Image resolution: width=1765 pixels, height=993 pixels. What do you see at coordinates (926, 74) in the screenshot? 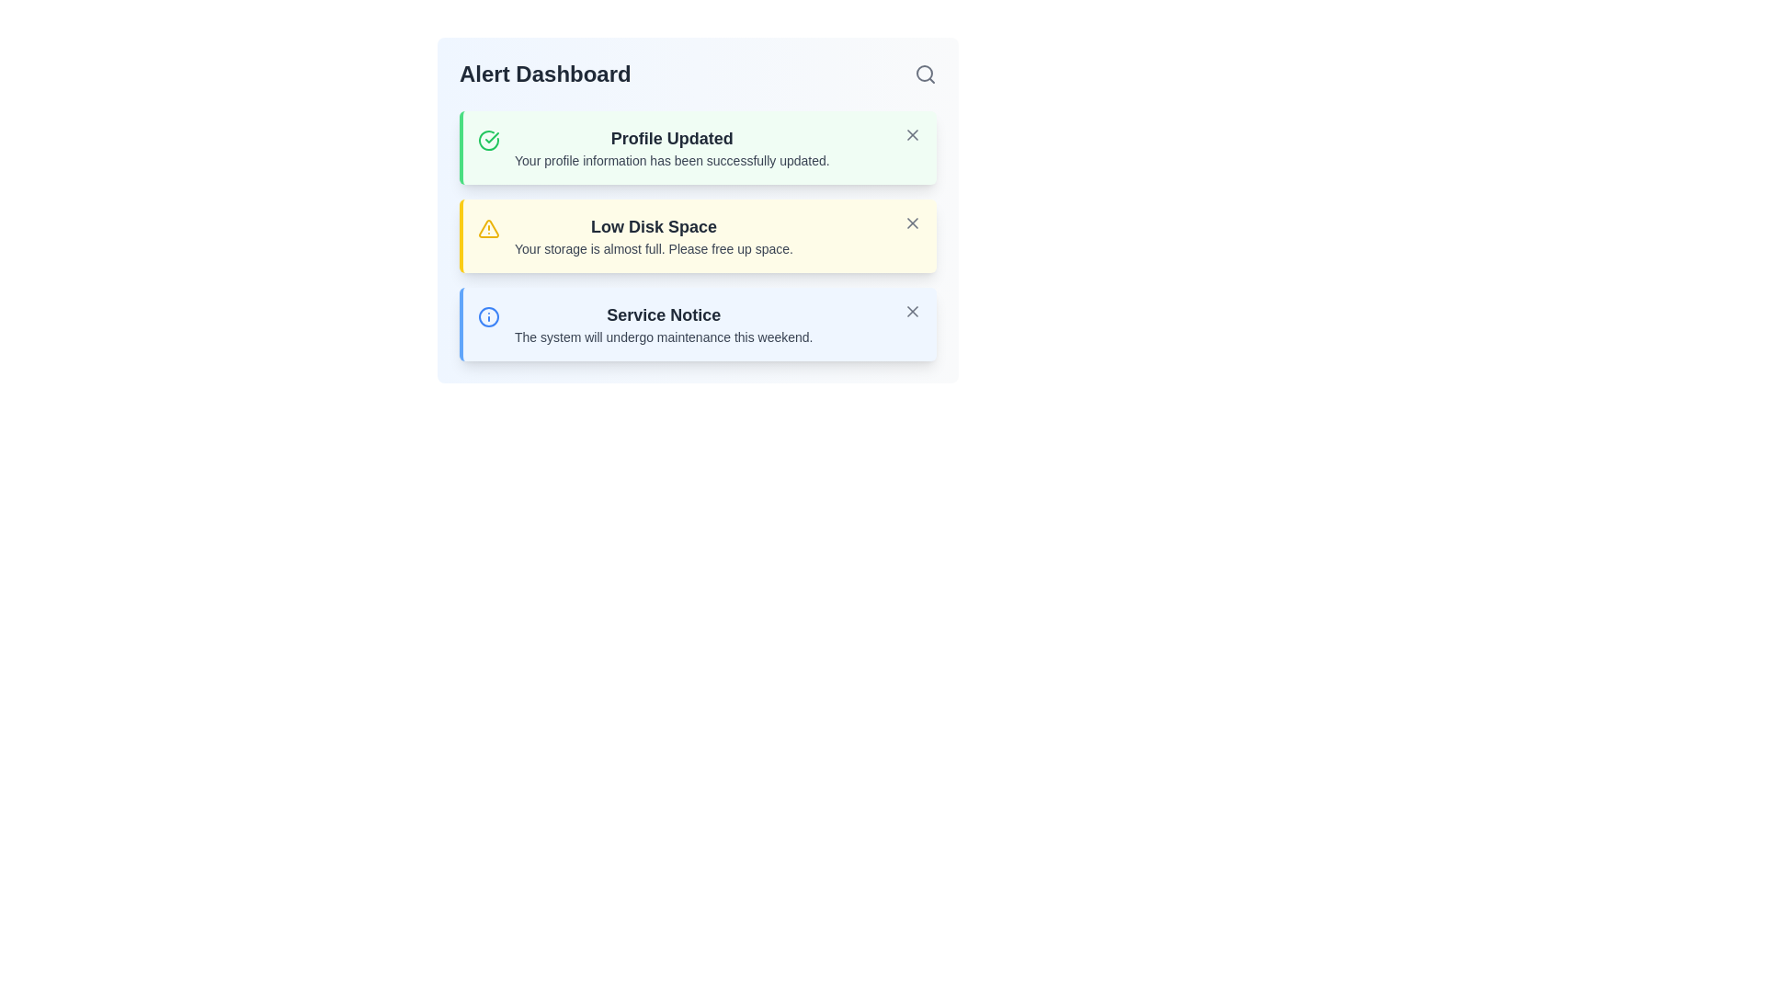
I see `the magnifying glass icon in the top-right corner of the 'Alert Dashboard' section to initiate a search` at bounding box center [926, 74].